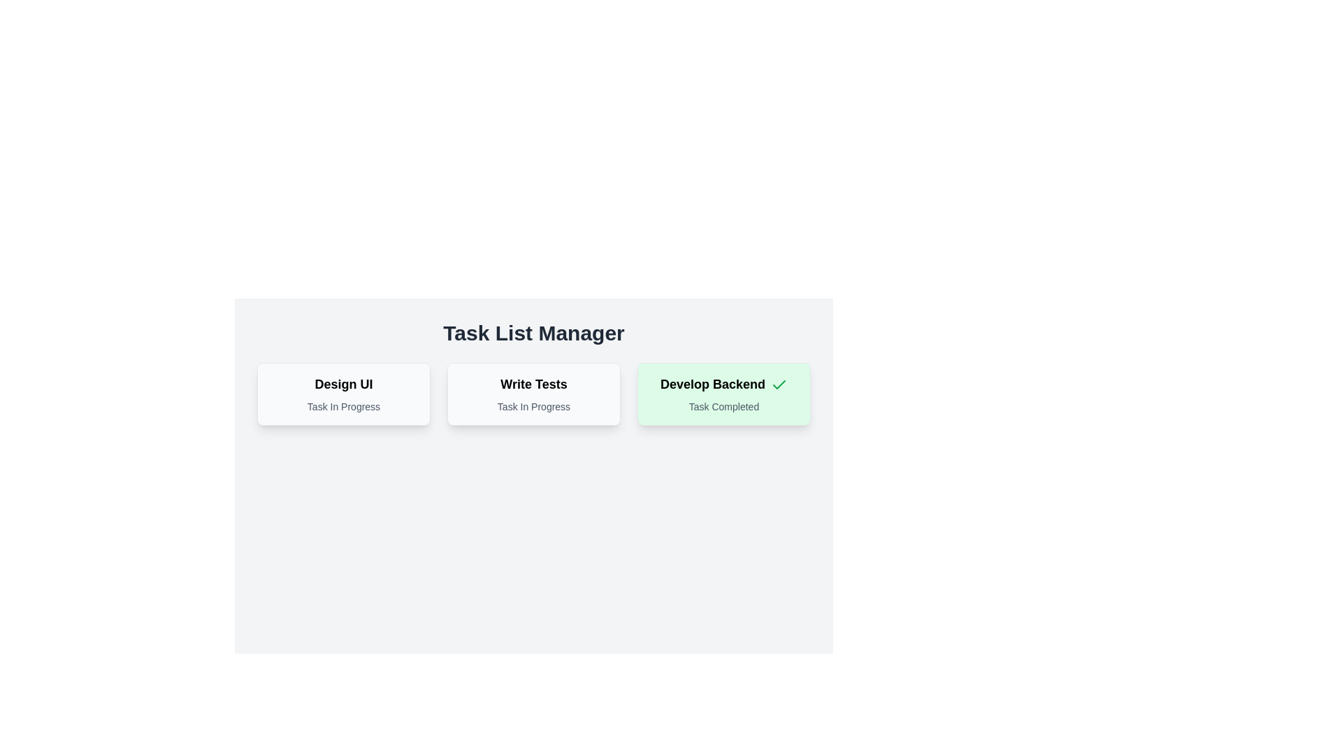  Describe the element at coordinates (724, 384) in the screenshot. I see `the heading text 'Develop Backend' which is styled in bold and larger font, indicating task completion with a green background, located in the third card of the 'Task List Manager' section` at that location.